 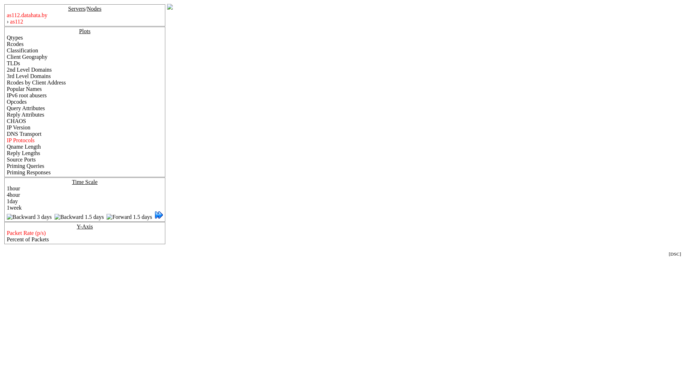 I want to click on '1day', so click(x=12, y=201).